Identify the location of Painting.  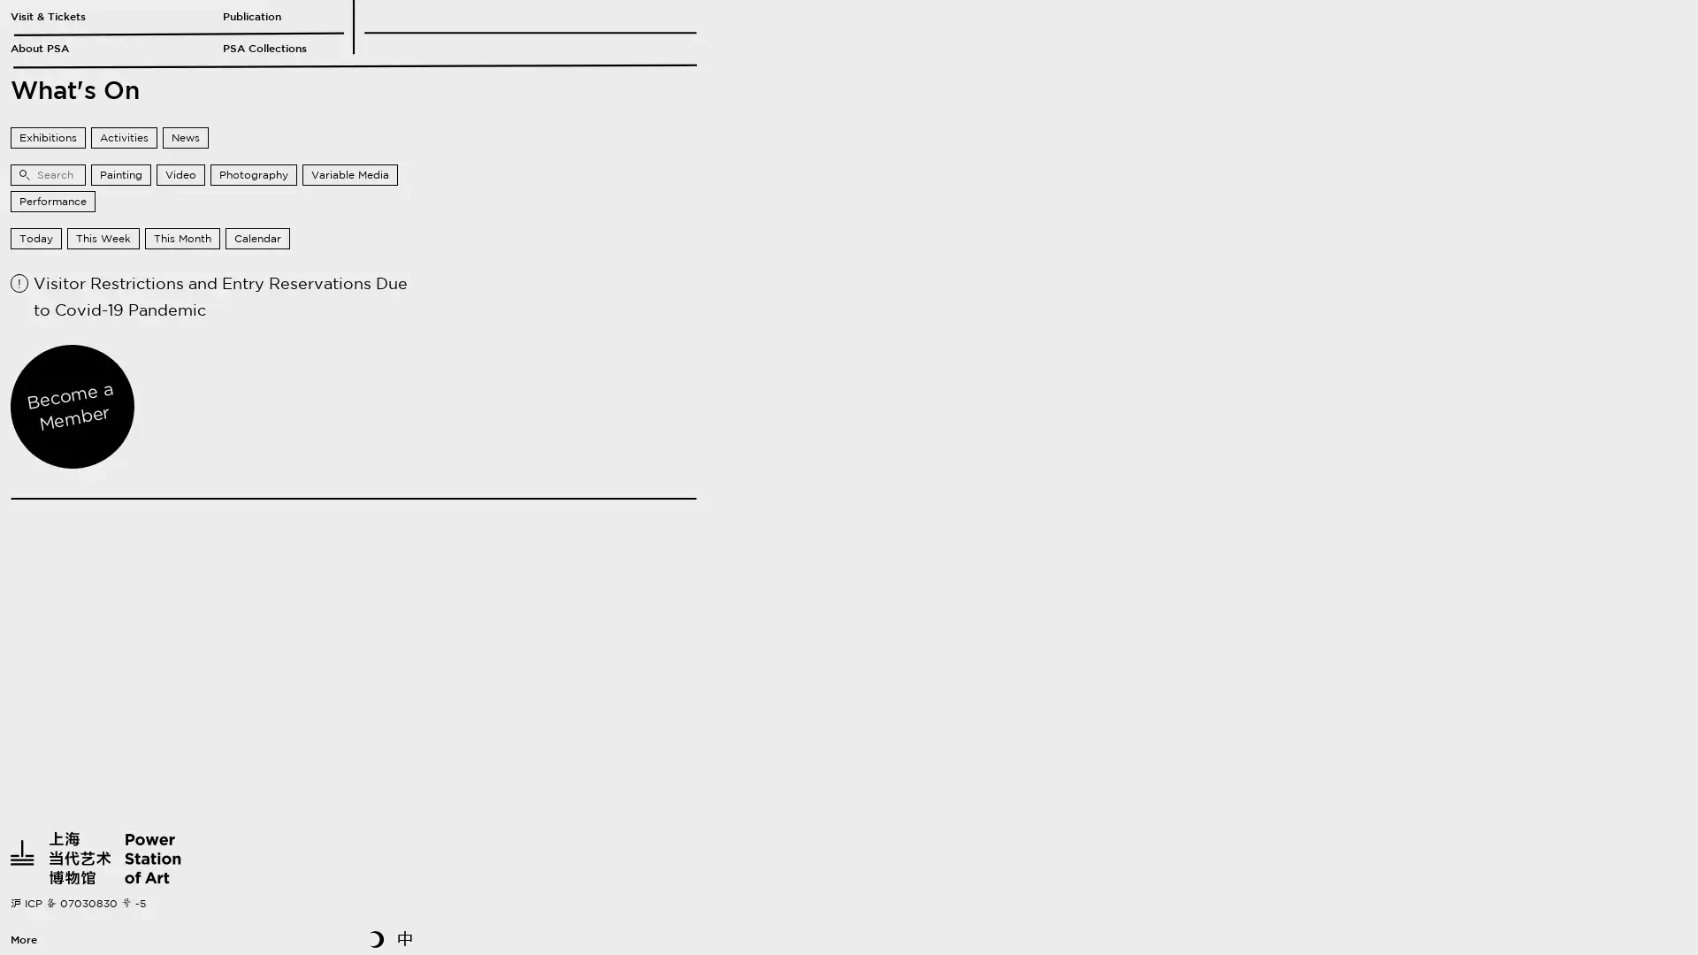
(120, 174).